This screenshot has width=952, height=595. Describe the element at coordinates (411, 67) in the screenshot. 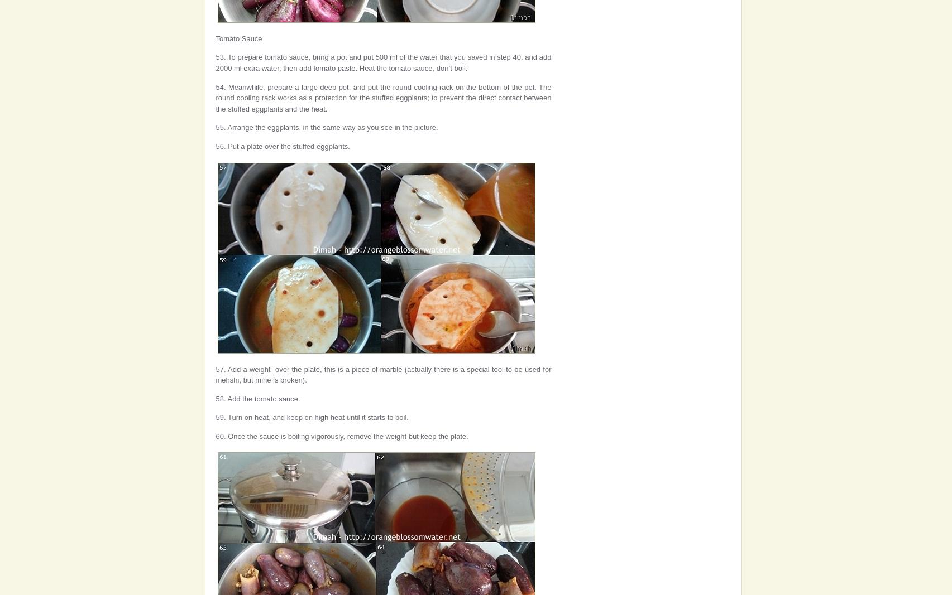

I see `'. Heat the tomato sauce, don’t boil.'` at that location.